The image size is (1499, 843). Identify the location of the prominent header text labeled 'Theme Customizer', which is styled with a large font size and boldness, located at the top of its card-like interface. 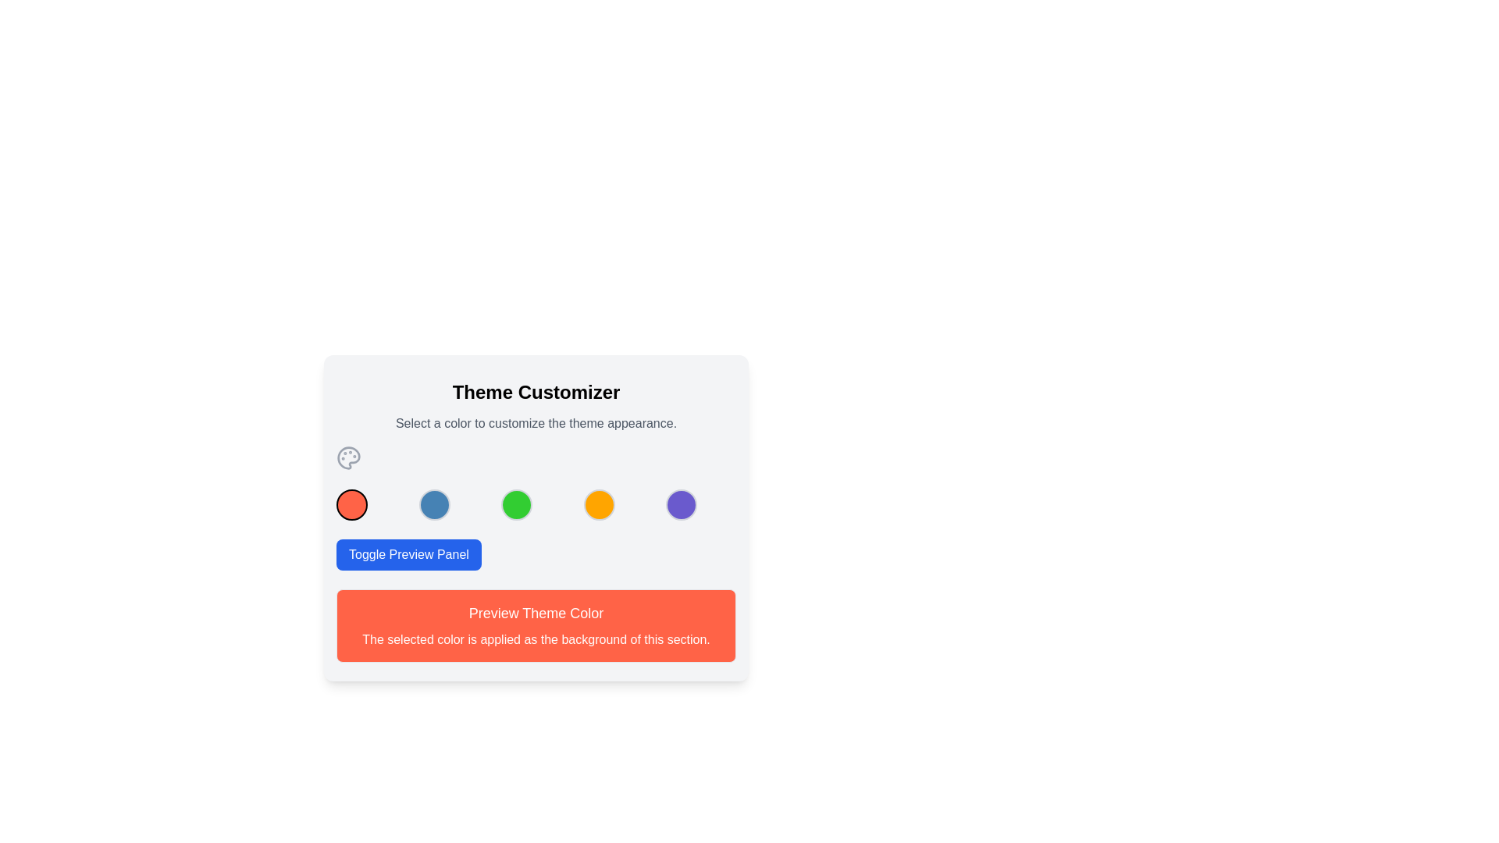
(536, 391).